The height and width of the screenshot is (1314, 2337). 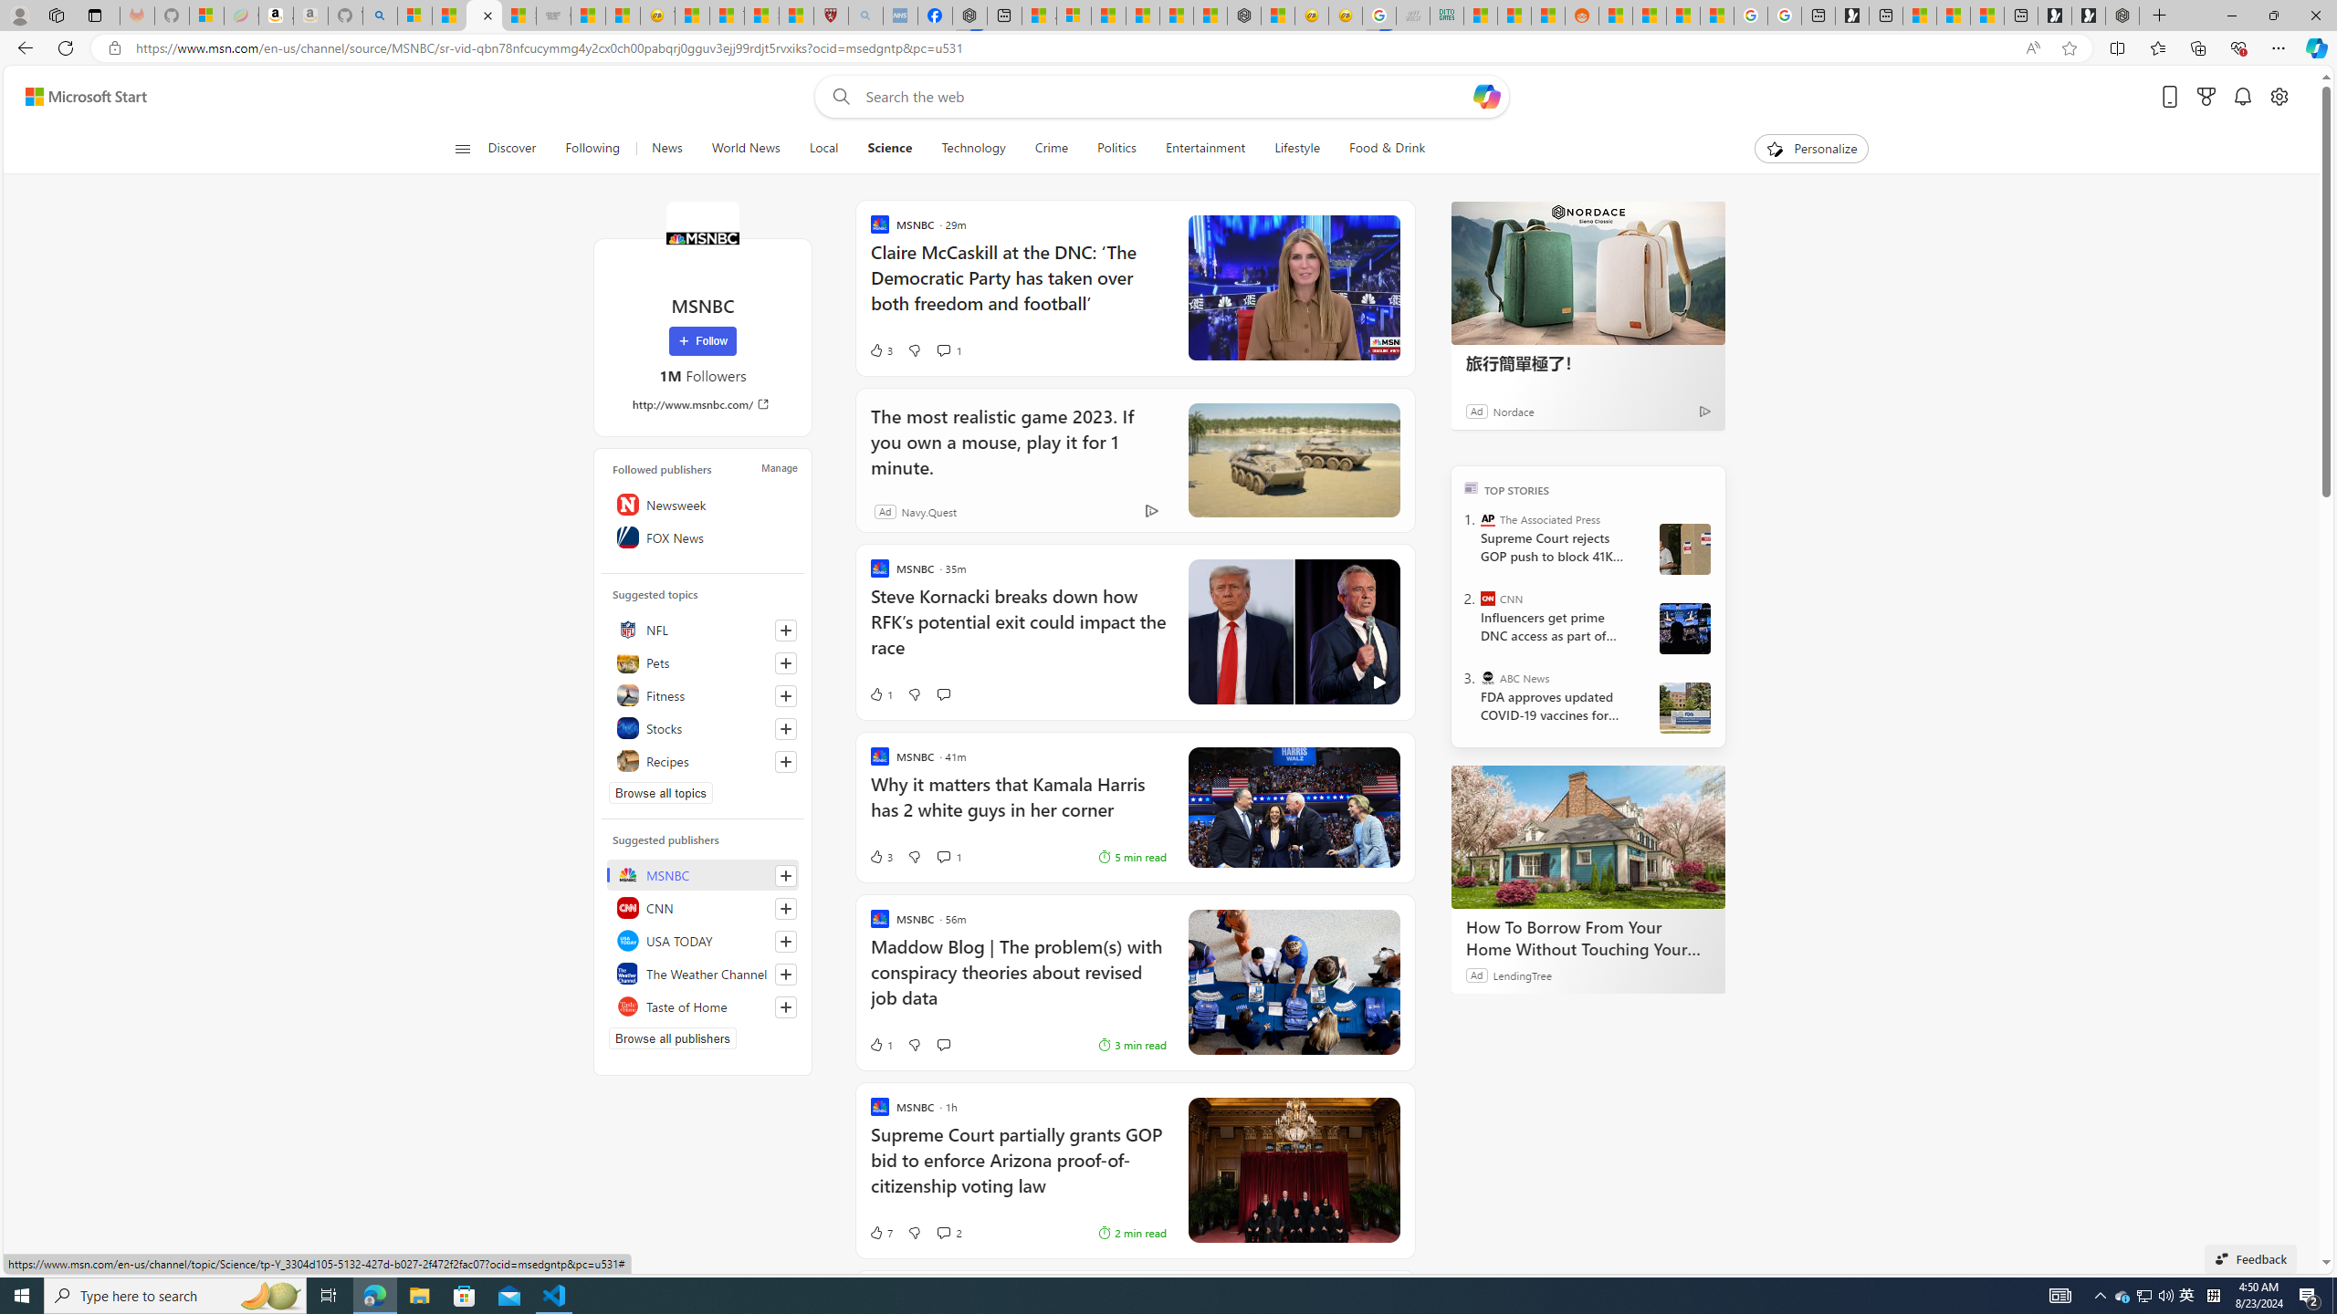 What do you see at coordinates (702, 237) in the screenshot?
I see `'MSNBC'` at bounding box center [702, 237].